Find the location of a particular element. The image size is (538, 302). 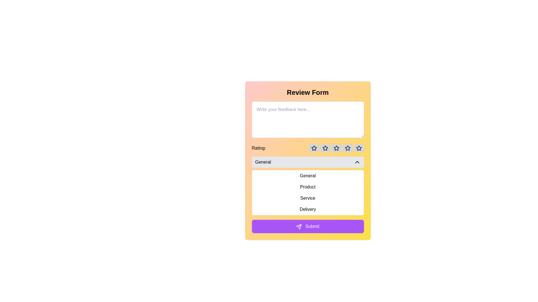

the rightmost star icon in the row of five star icons used for rating, located below the feedback textarea and above the dropdown menu in the review form is located at coordinates (359, 147).